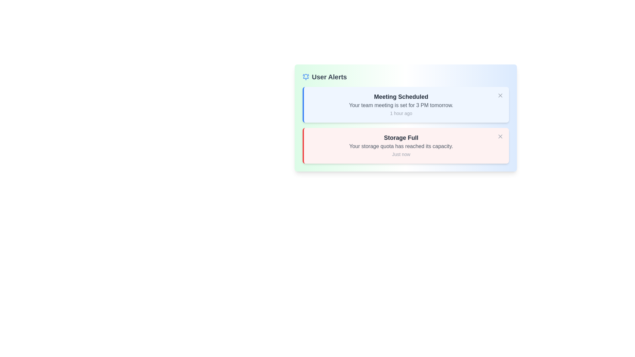 The height and width of the screenshot is (357, 635). I want to click on the 'User Alerts' bell icon to interact with it, so click(306, 76).